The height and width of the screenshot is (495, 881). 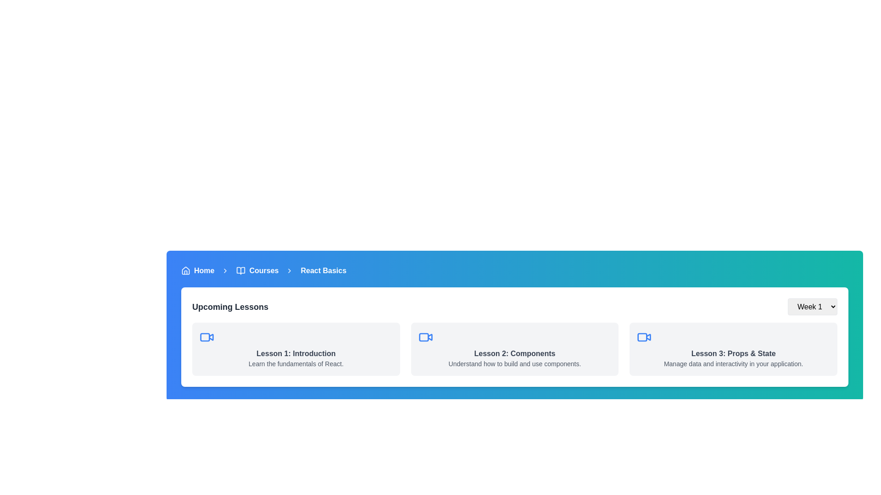 What do you see at coordinates (241, 270) in the screenshot?
I see `the small open book icon situated in the navigation bar, located to the left of the 'Courses' label and right of the 'Home' link, which is styled with white color against a blue background` at bounding box center [241, 270].